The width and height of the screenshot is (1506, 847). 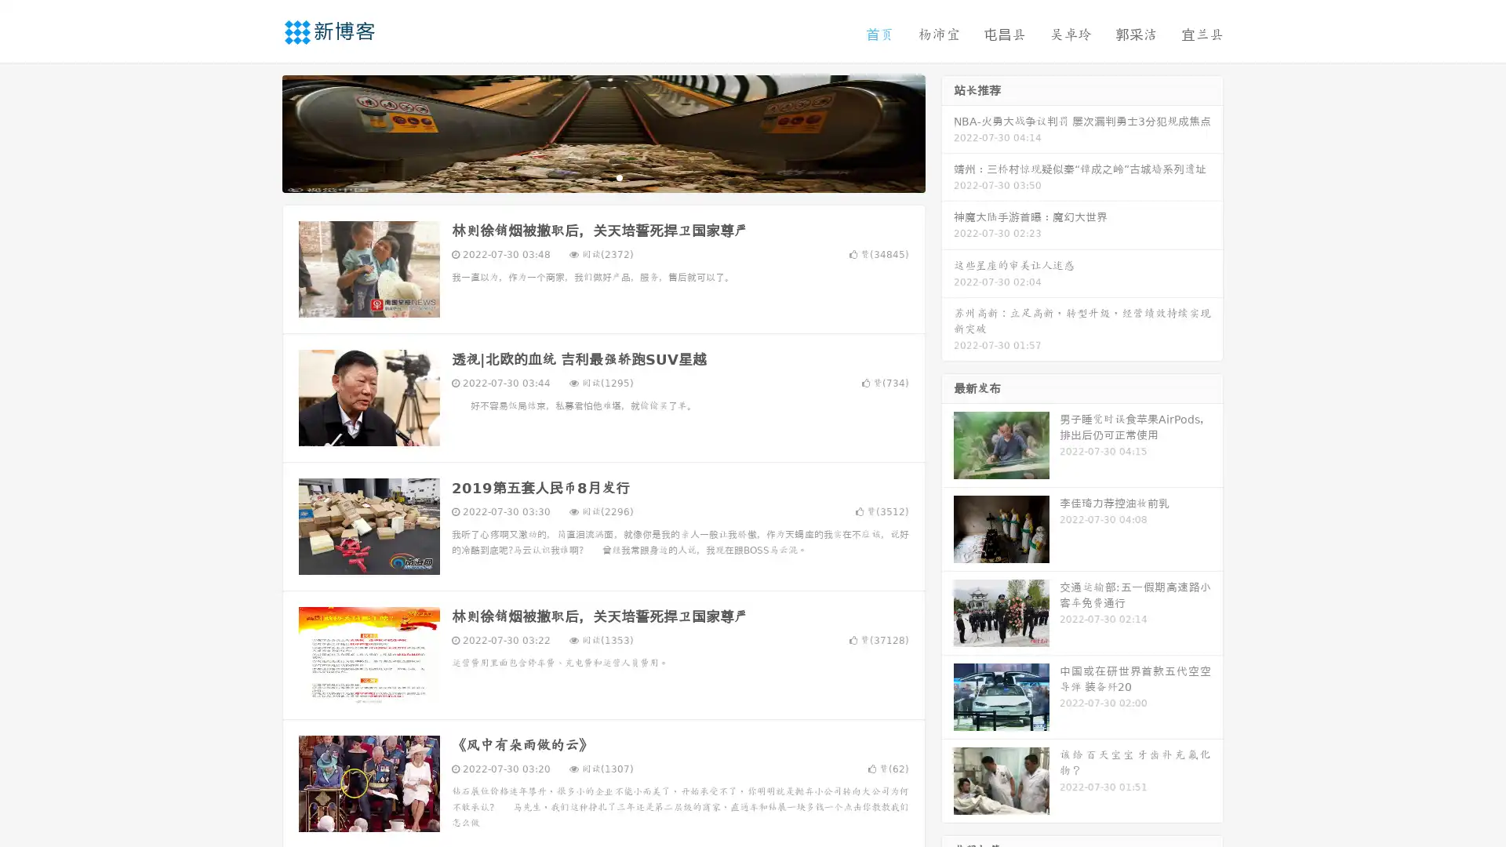 What do you see at coordinates (948, 132) in the screenshot?
I see `Next slide` at bounding box center [948, 132].